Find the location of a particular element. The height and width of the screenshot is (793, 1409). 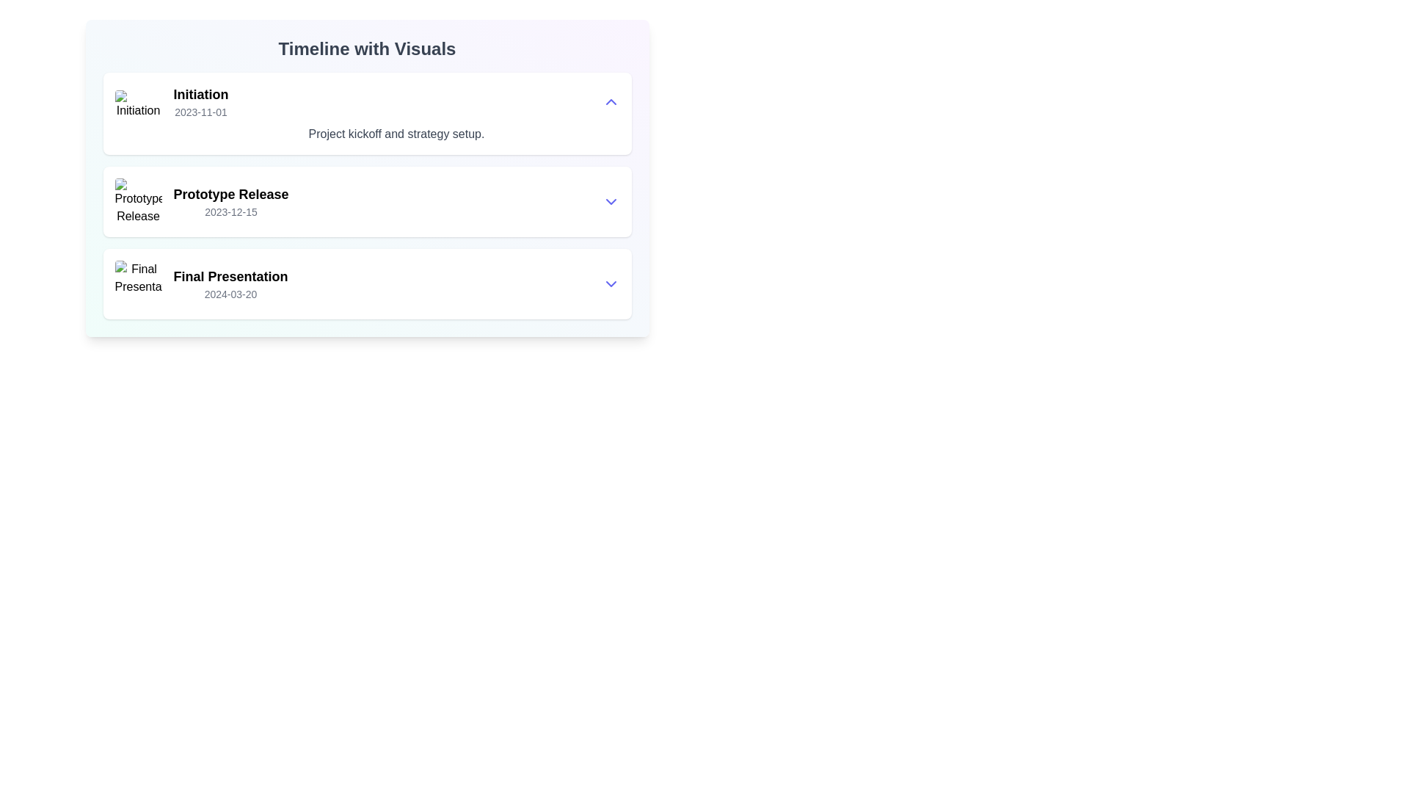

the Text Display element featuring bold black text 'Initiation' and smaller gray text '2023-11-01' in a vertical chronological timeline layout is located at coordinates (200, 101).